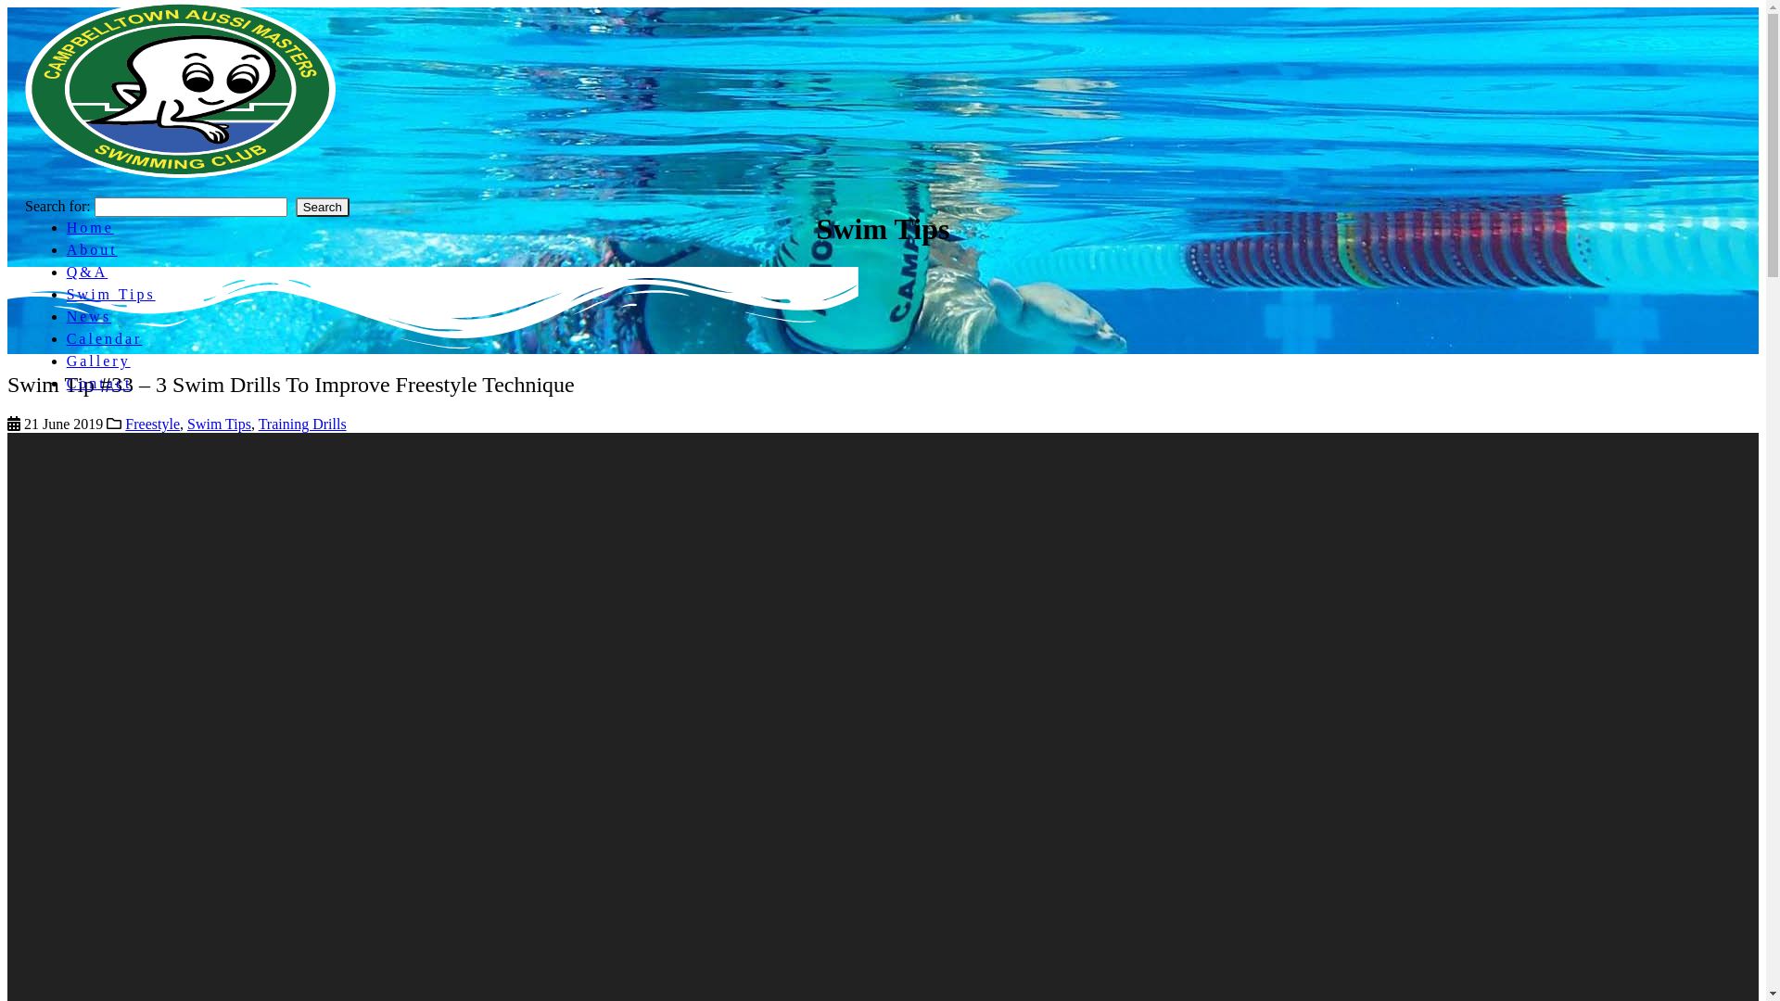 The height and width of the screenshot is (1001, 1780). What do you see at coordinates (219, 424) in the screenshot?
I see `'Swim Tips'` at bounding box center [219, 424].